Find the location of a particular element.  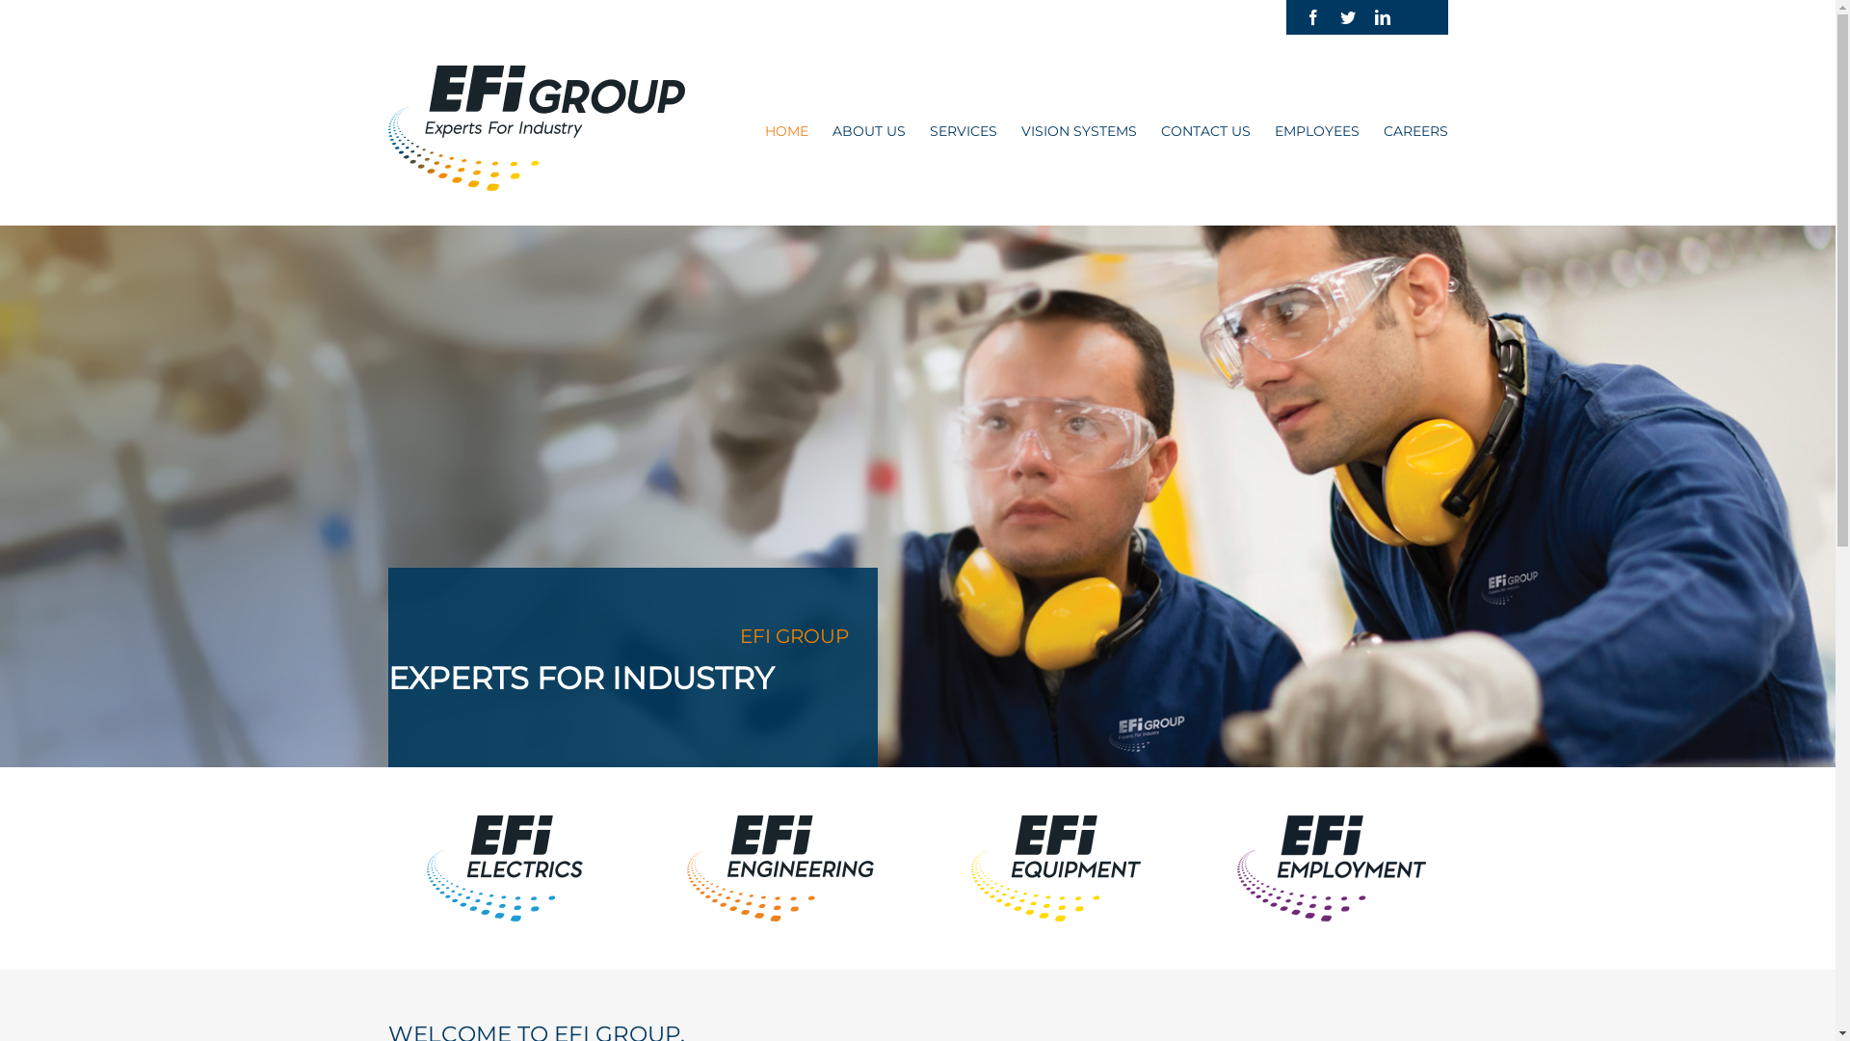

'SERVICES' is located at coordinates (962, 130).